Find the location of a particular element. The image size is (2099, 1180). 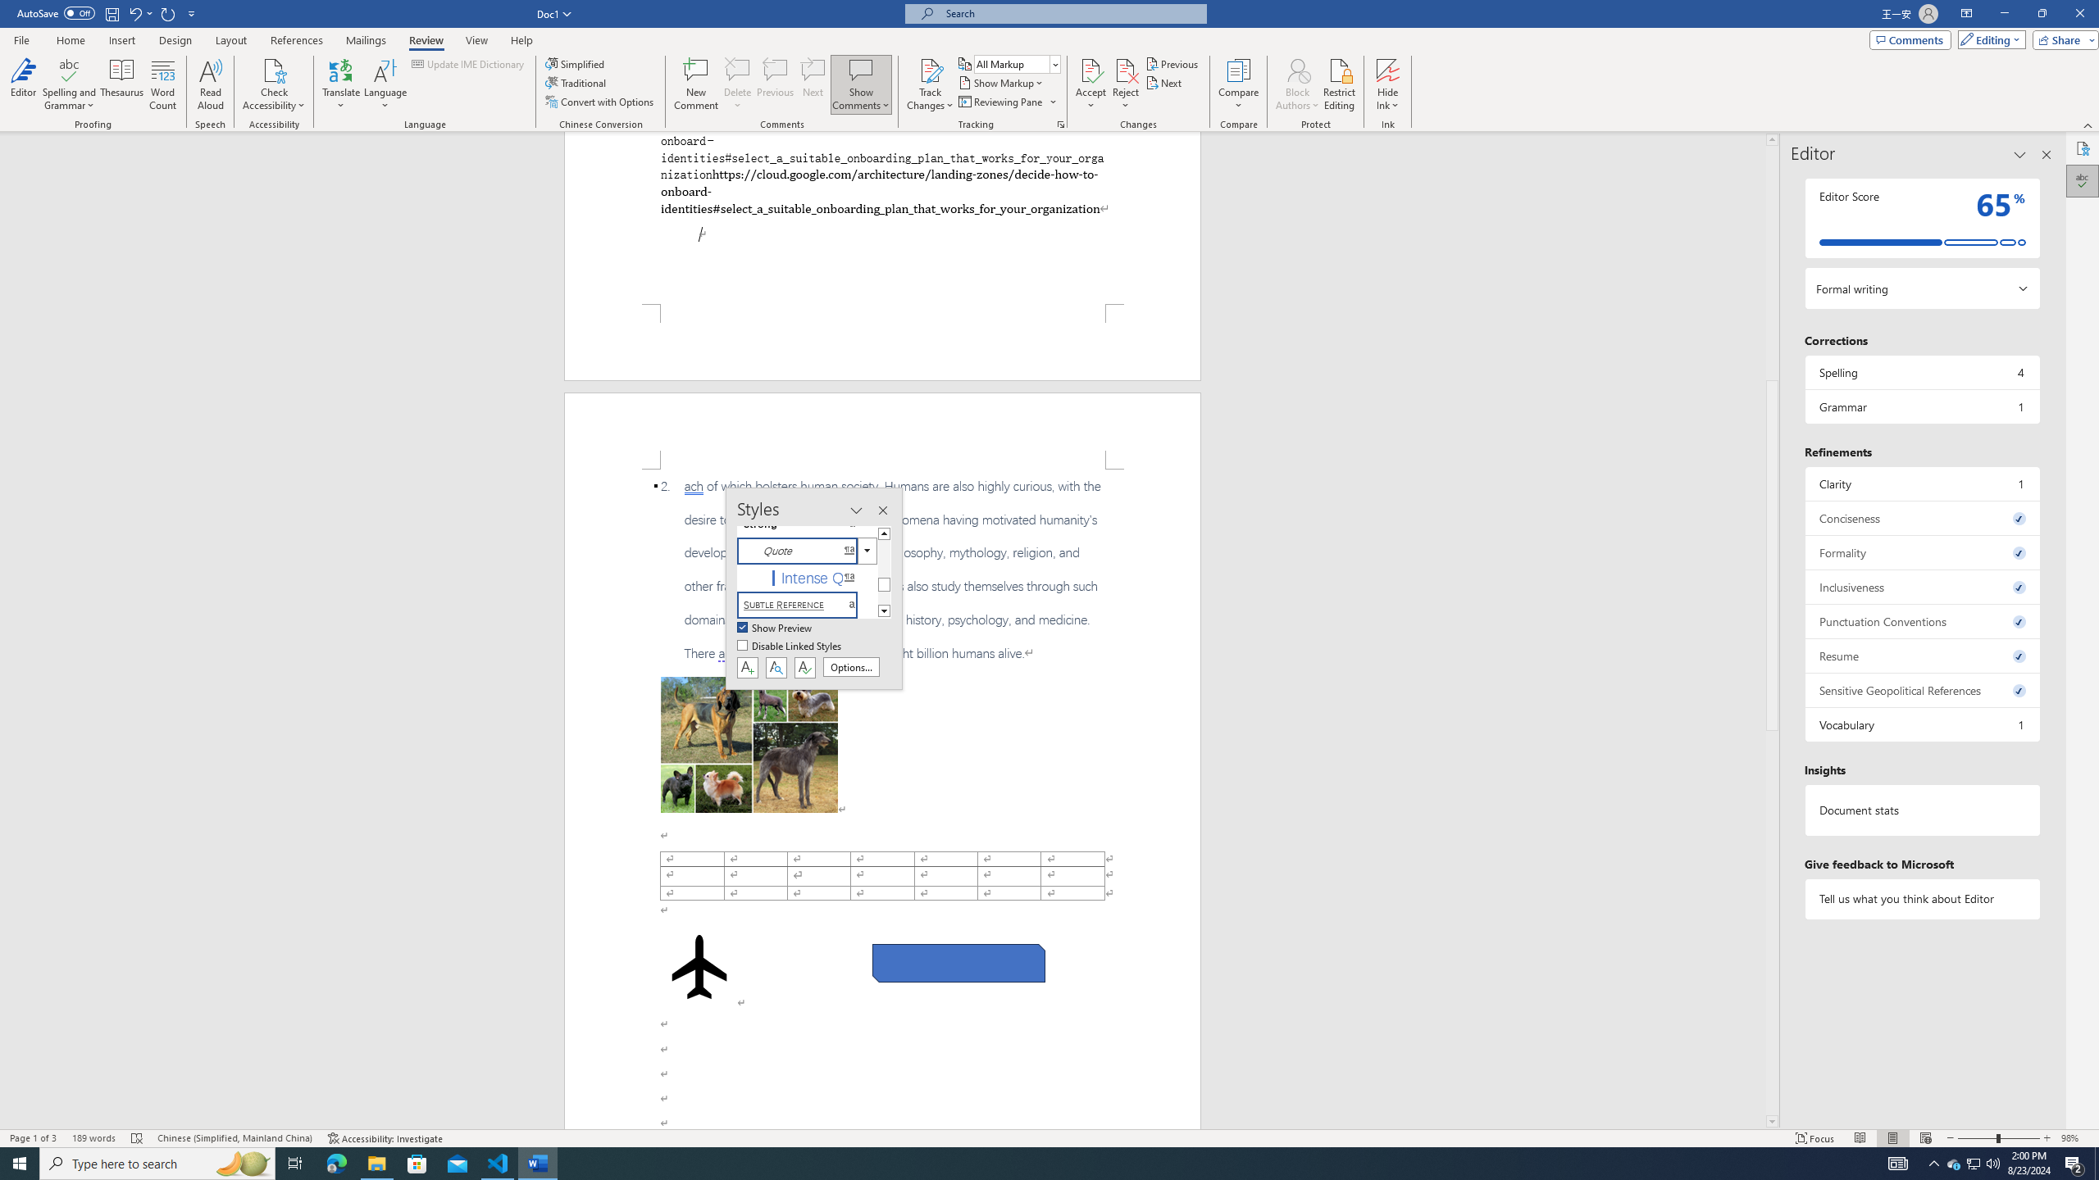

'Reject' is located at coordinates (1126, 84).